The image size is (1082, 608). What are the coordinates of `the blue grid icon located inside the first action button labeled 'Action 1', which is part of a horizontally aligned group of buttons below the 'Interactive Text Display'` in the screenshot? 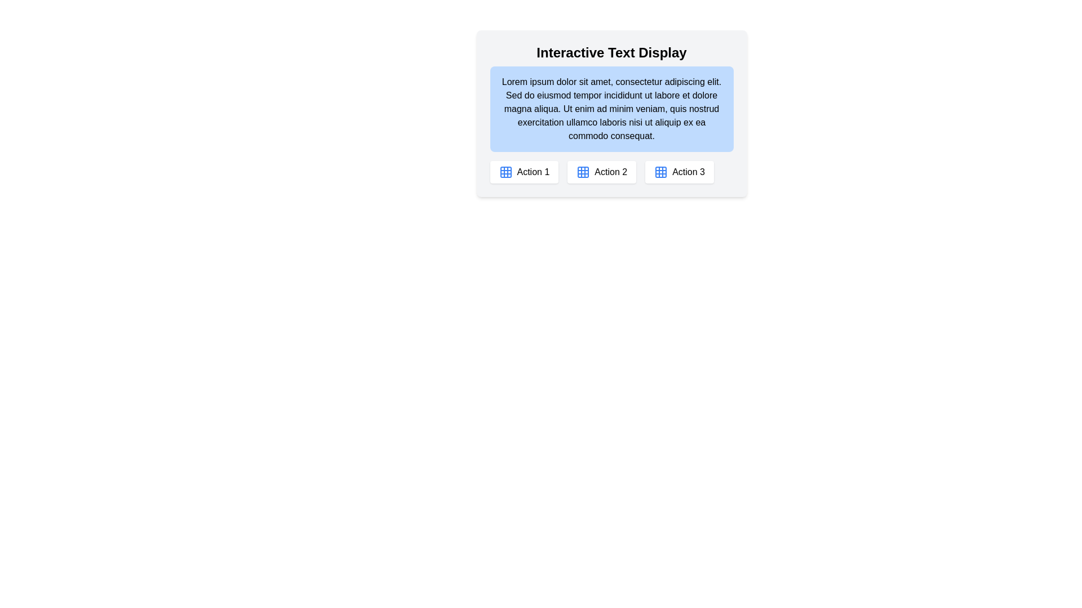 It's located at (505, 172).